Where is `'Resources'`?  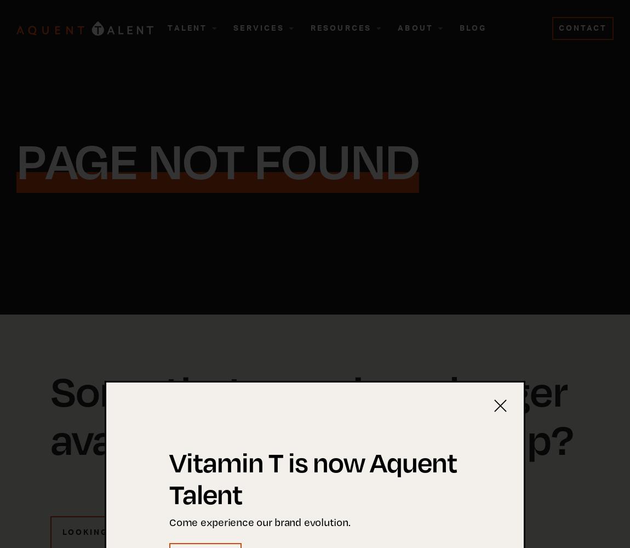 'Resources' is located at coordinates (310, 28).